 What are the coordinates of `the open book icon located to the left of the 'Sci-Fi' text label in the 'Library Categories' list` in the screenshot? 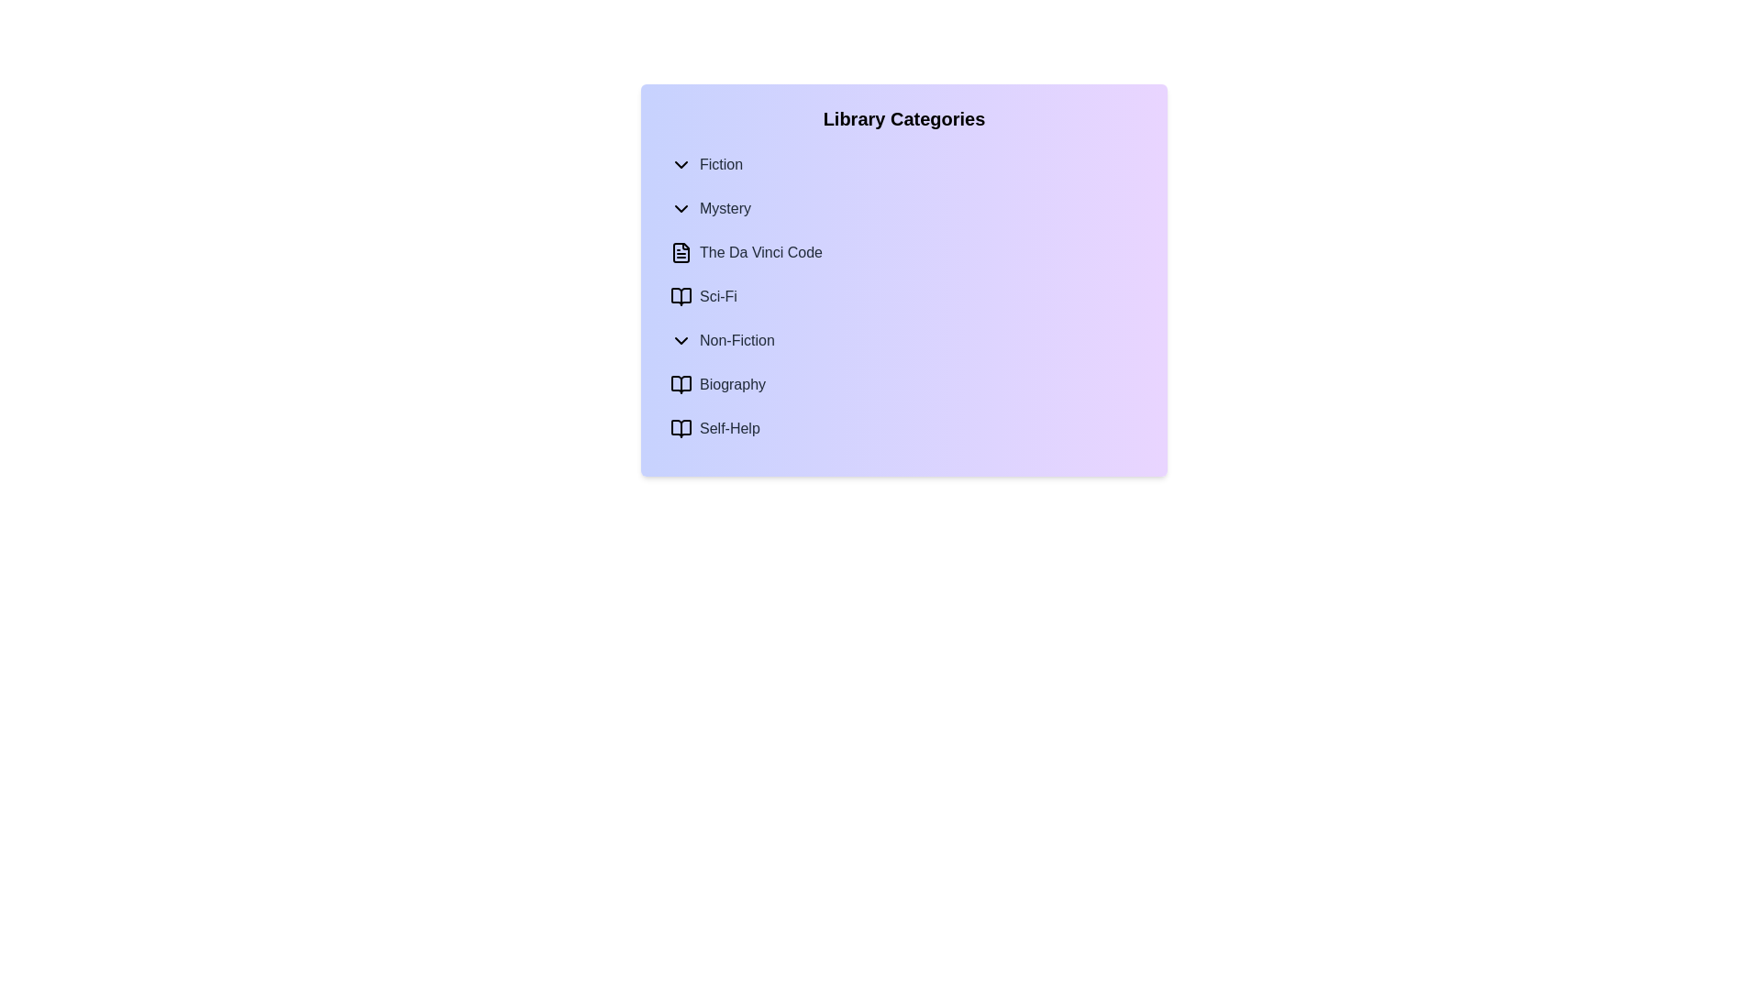 It's located at (681, 296).